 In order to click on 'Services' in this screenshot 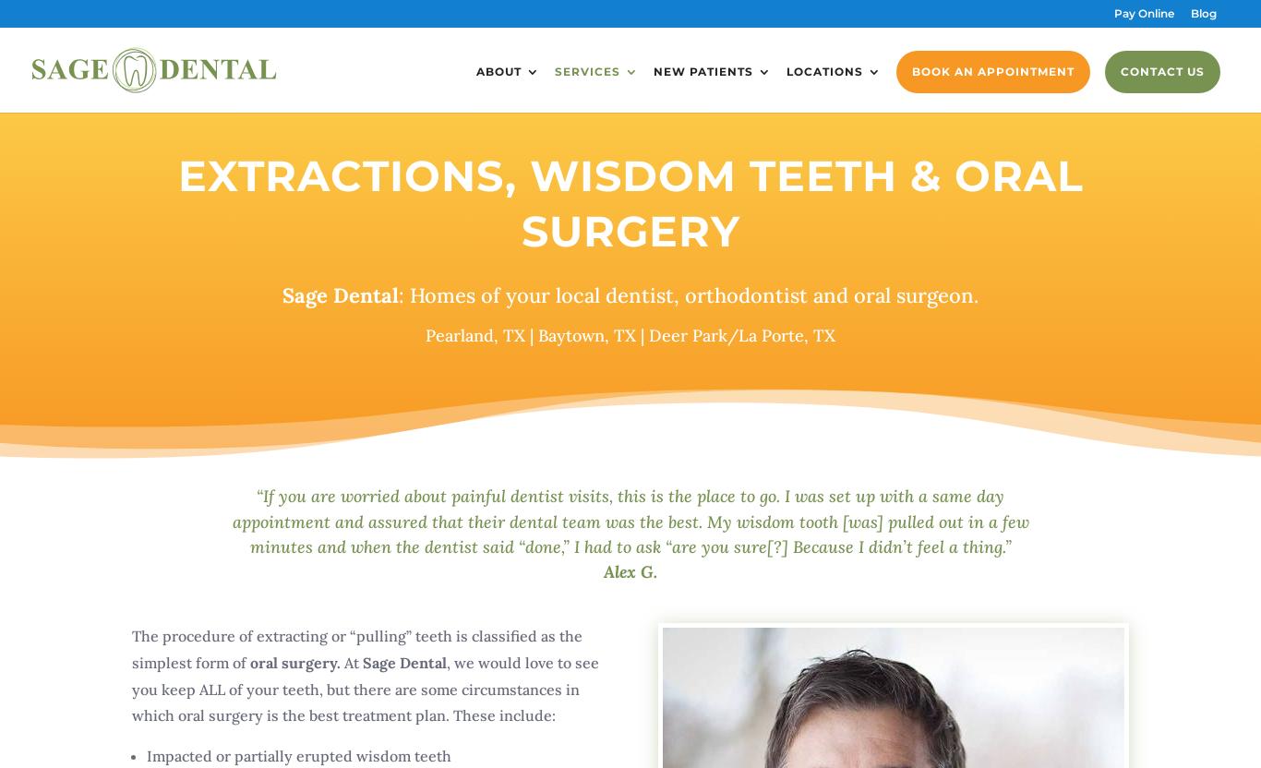, I will do `click(586, 70)`.